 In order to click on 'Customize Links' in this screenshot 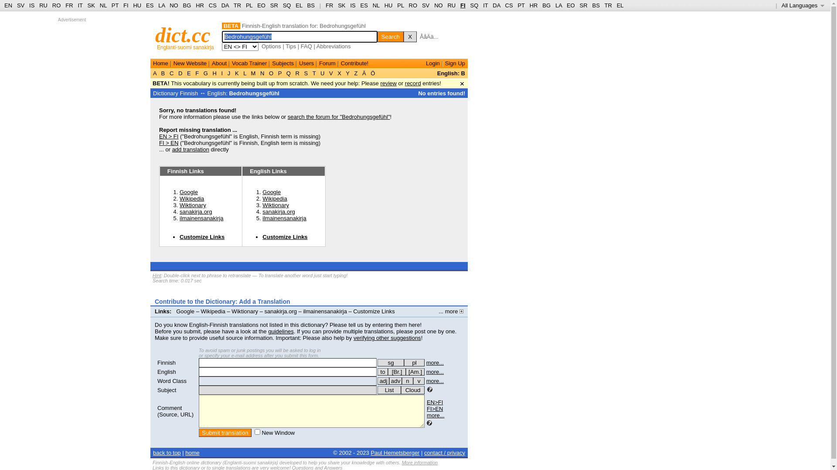, I will do `click(262, 237)`.